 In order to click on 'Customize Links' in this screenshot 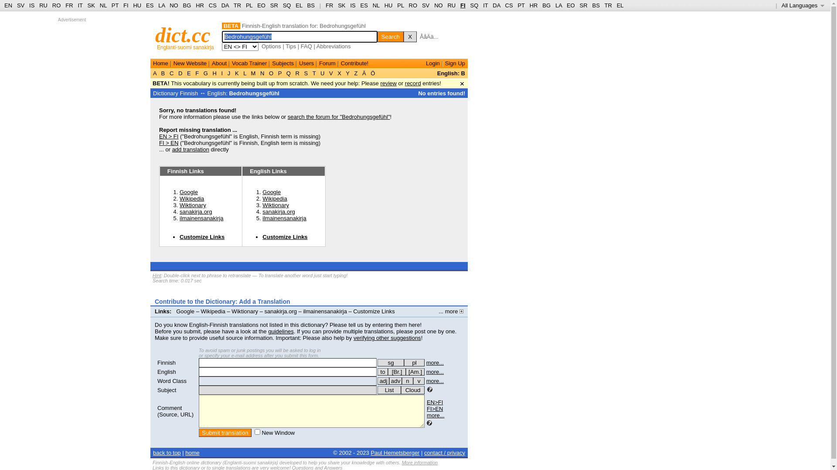, I will do `click(262, 237)`.